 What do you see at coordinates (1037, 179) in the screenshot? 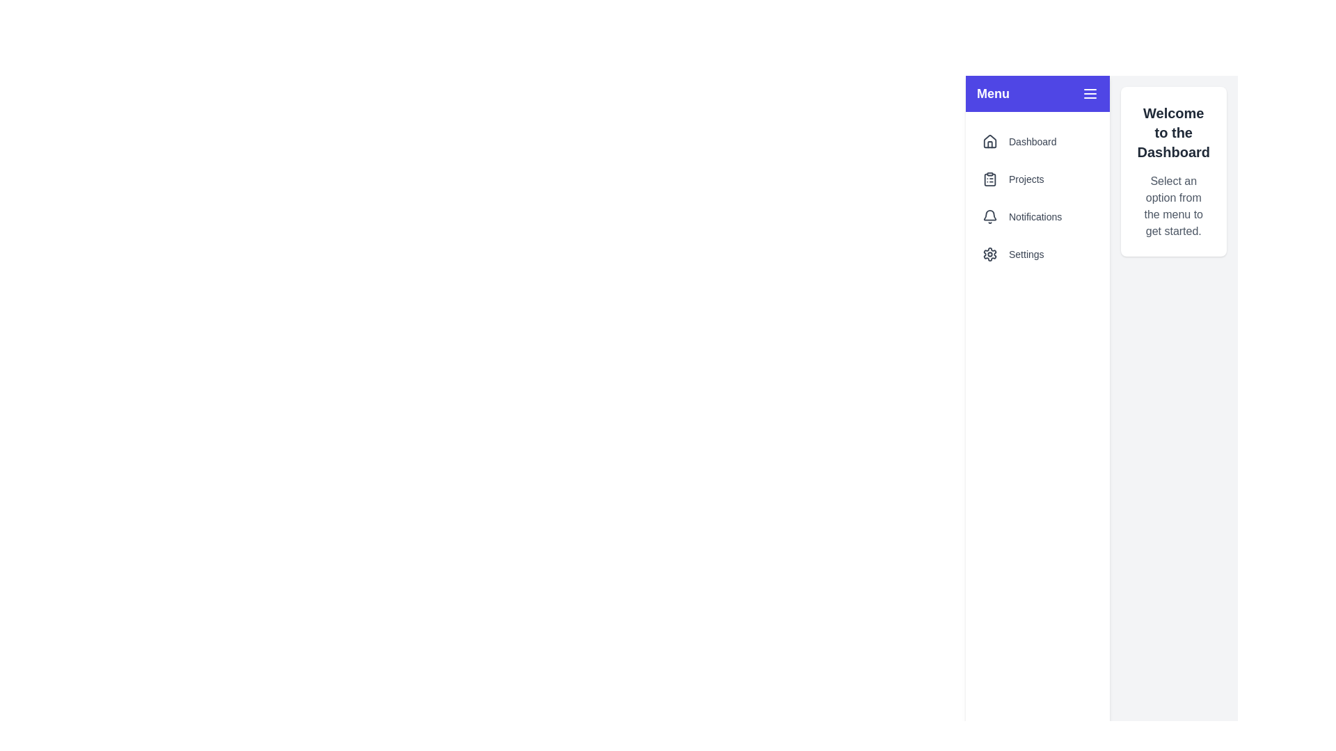
I see `the menu item Projects from the drawer` at bounding box center [1037, 179].